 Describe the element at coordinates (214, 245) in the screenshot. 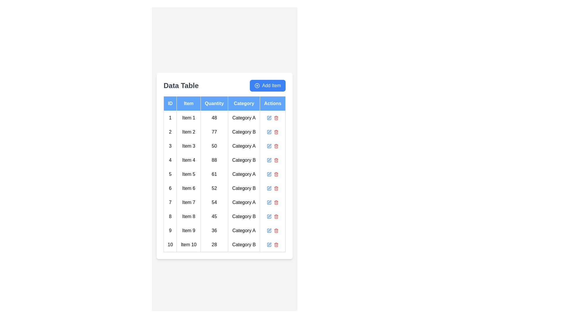

I see `on the static text label displaying the number '28' in the 'Quantity' column of the table for 'Item 10'` at that location.